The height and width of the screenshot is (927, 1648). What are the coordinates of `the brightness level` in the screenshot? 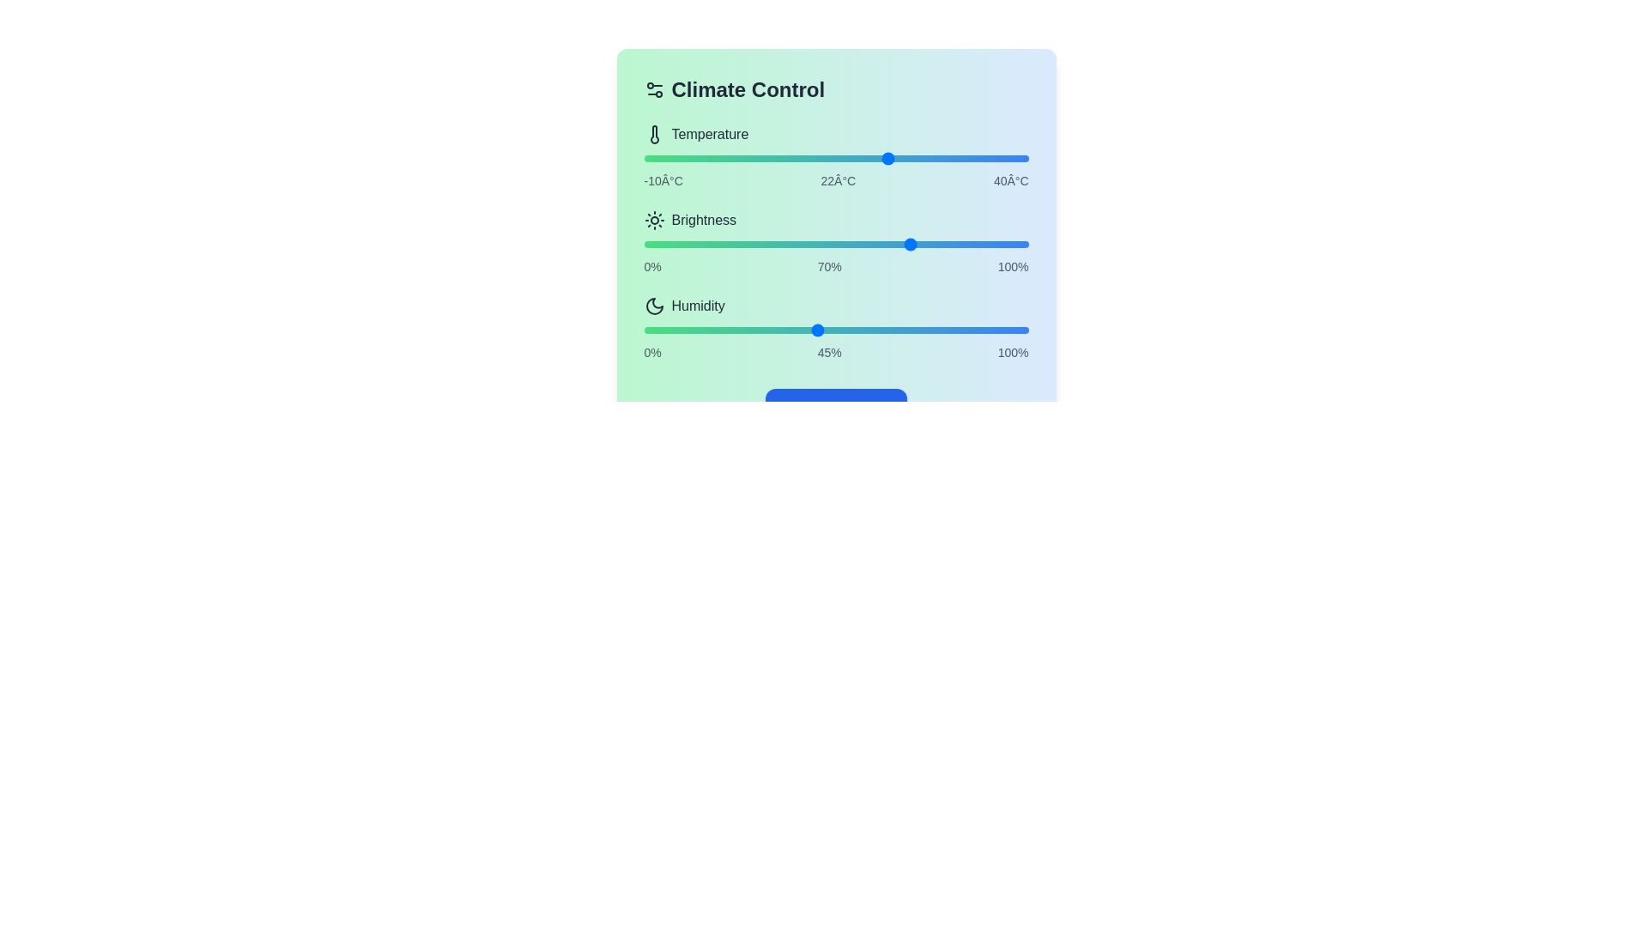 It's located at (832, 245).